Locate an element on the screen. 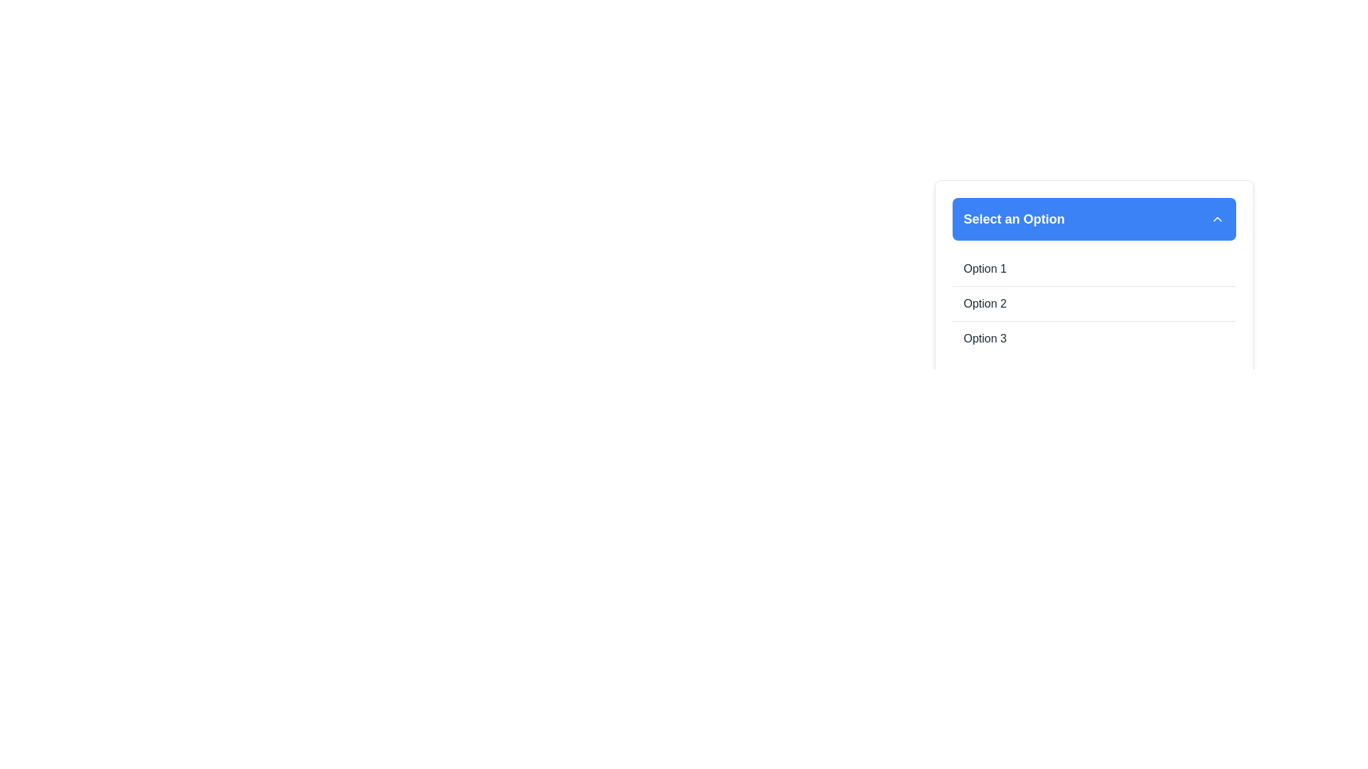 The image size is (1368, 769). the second selectable item 'Option 2' within the dropdown menu labeled 'Select an Option' is located at coordinates (1093, 303).